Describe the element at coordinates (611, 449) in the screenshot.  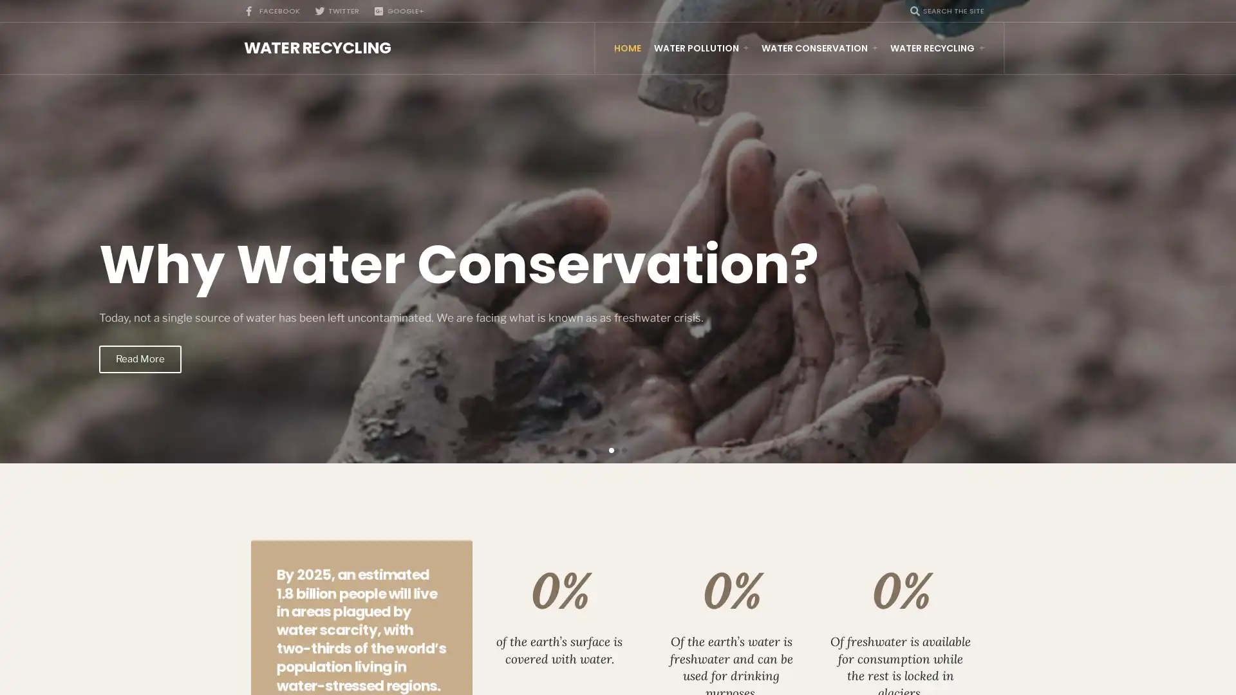
I see `Go to slide 1` at that location.